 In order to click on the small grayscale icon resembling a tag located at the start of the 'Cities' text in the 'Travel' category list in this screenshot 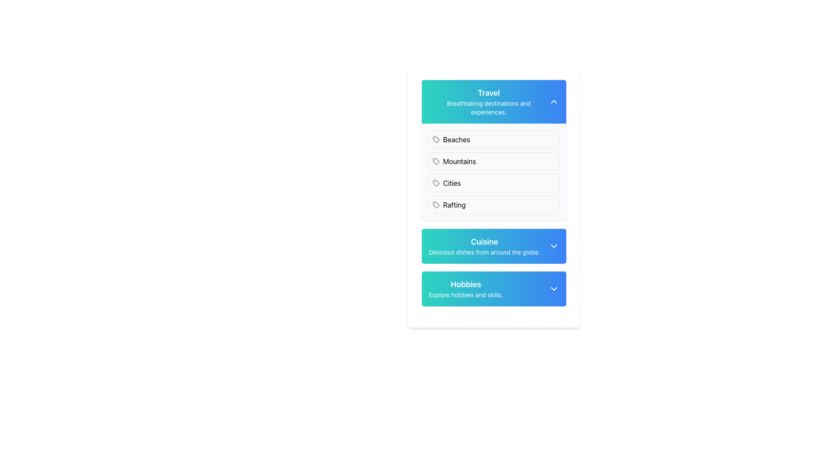, I will do `click(436, 182)`.